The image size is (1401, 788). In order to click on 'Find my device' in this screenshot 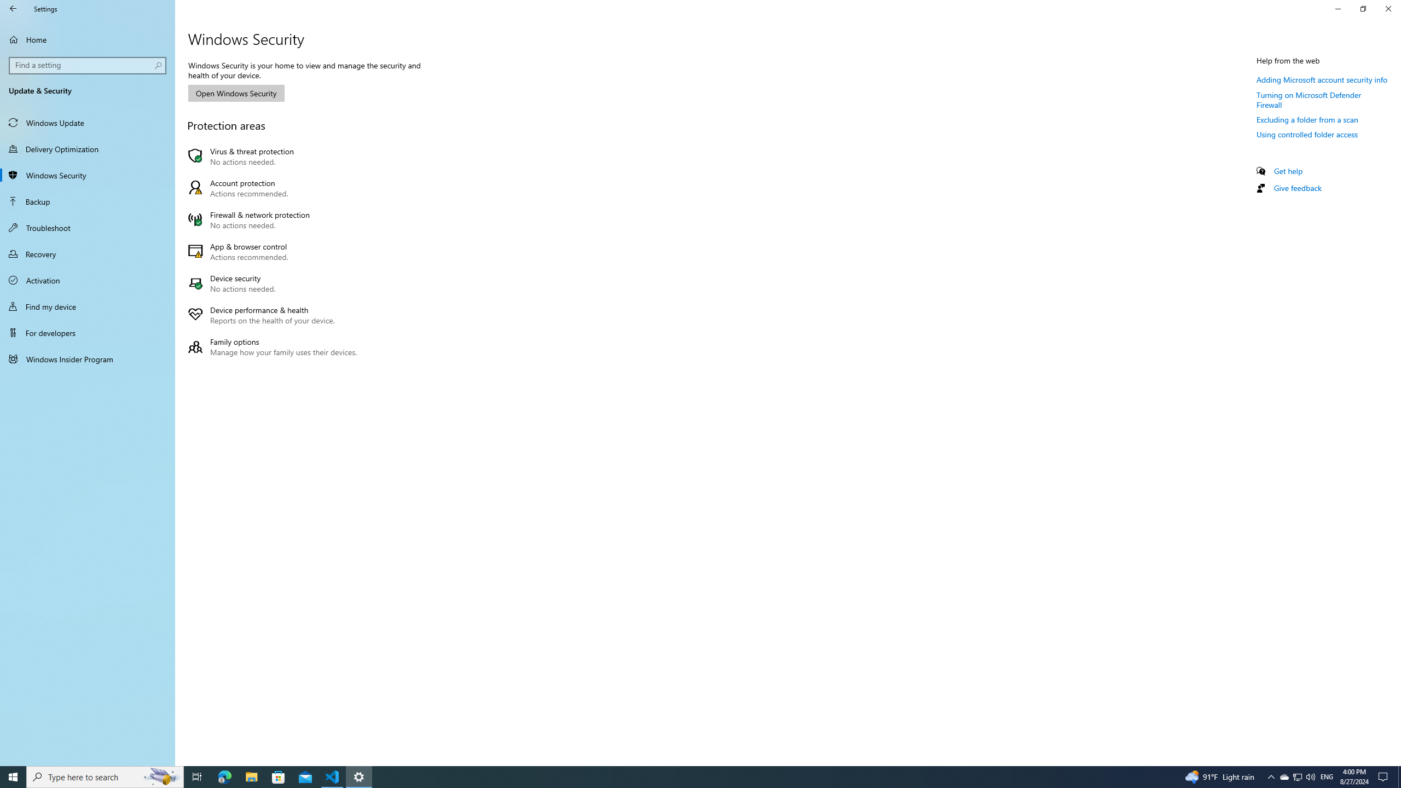, I will do `click(87, 306)`.